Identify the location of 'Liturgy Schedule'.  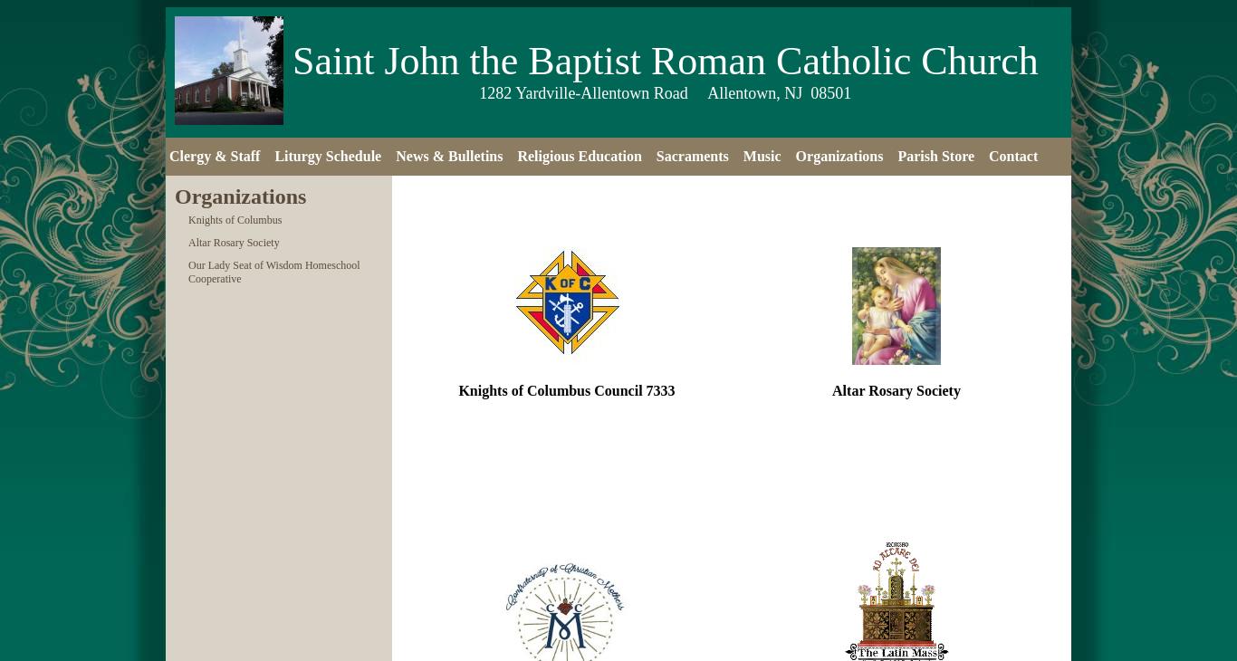
(326, 155).